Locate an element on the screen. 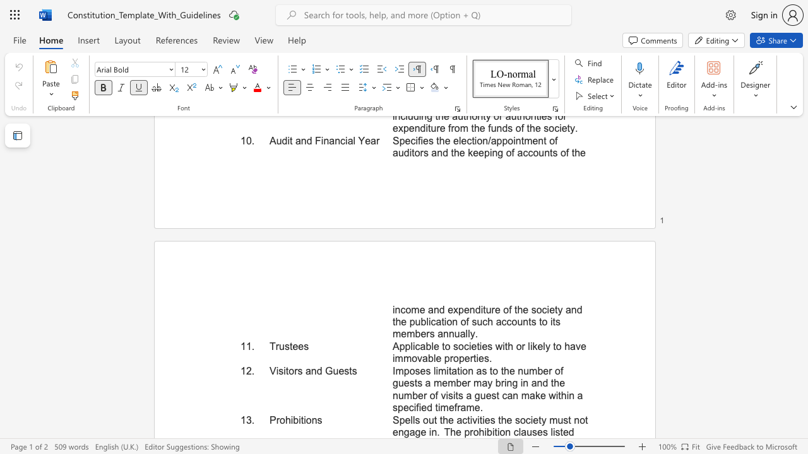 Image resolution: width=808 pixels, height=454 pixels. the subset text "ber of guests a member may bring in" within the text "Imposes limitation as to the number of guests a member may bring in and the number of visits a guest can make within a specified" is located at coordinates (537, 370).